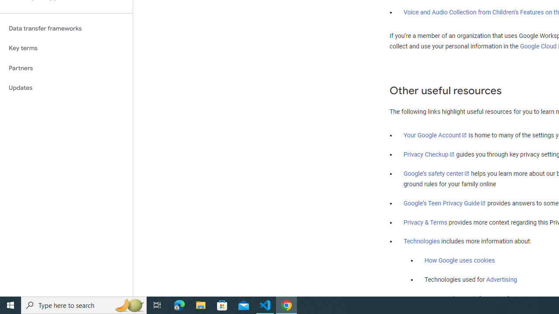  I want to click on 'Privacy Checkup', so click(429, 154).